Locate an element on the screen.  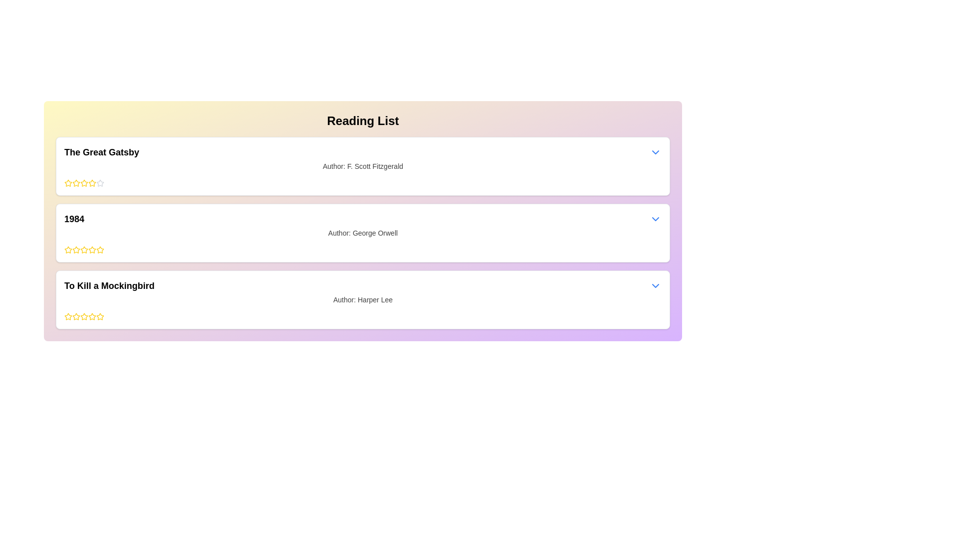
the third star icon with a yellow outline representing an active rating, located under the title 'The Great Gatsby' is located at coordinates (76, 183).